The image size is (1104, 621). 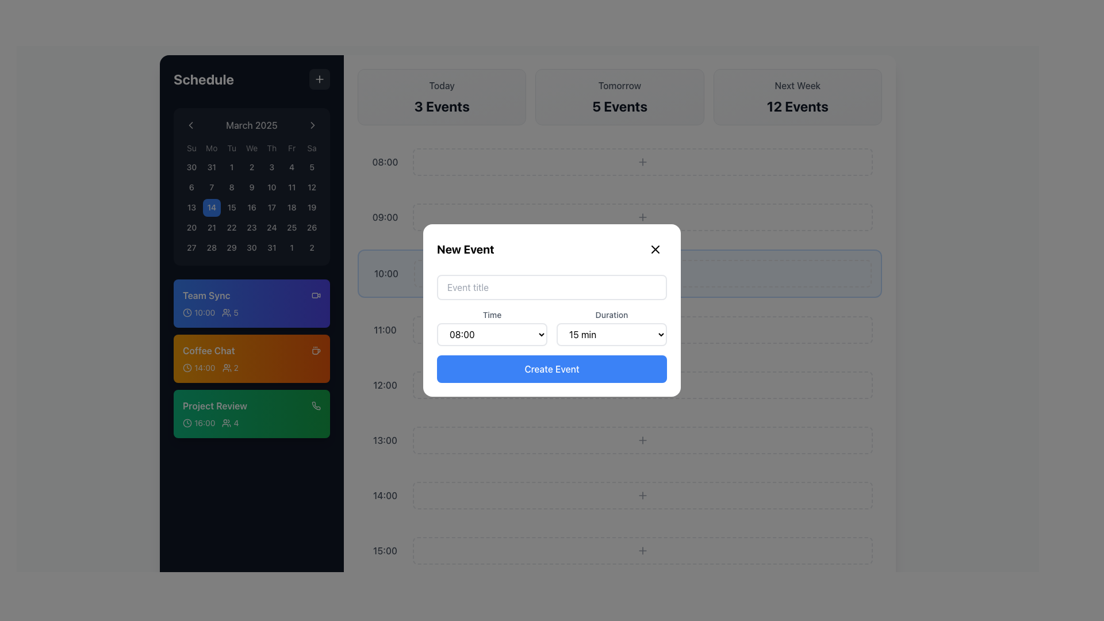 What do you see at coordinates (385, 550) in the screenshot?
I see `the static text label displaying '15:00' in gray font, positioned in the right section of the interface near the time slot in the daily calendar view` at bounding box center [385, 550].